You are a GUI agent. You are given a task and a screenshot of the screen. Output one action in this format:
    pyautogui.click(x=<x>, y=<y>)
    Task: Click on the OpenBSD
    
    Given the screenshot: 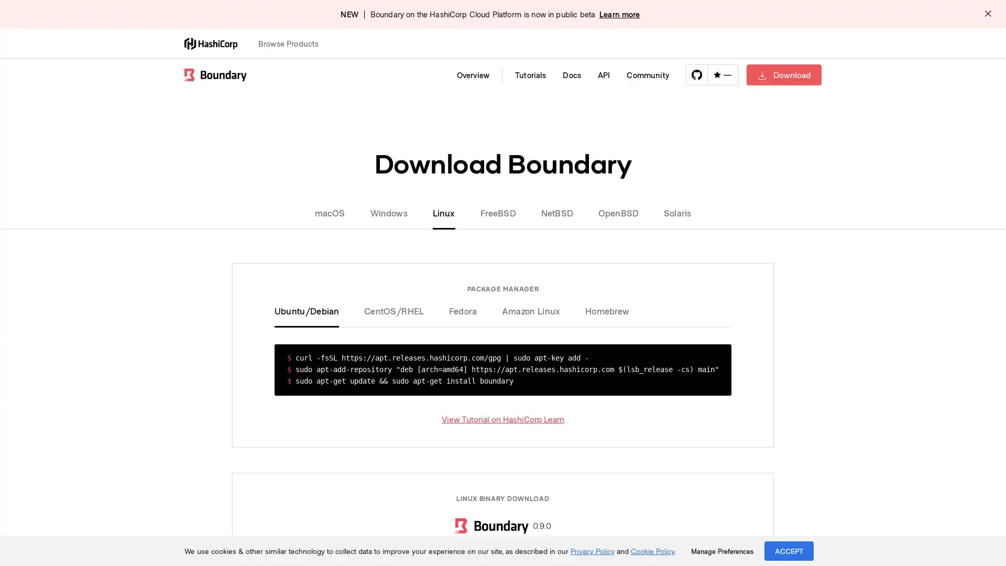 What is the action you would take?
    pyautogui.click(x=618, y=212)
    